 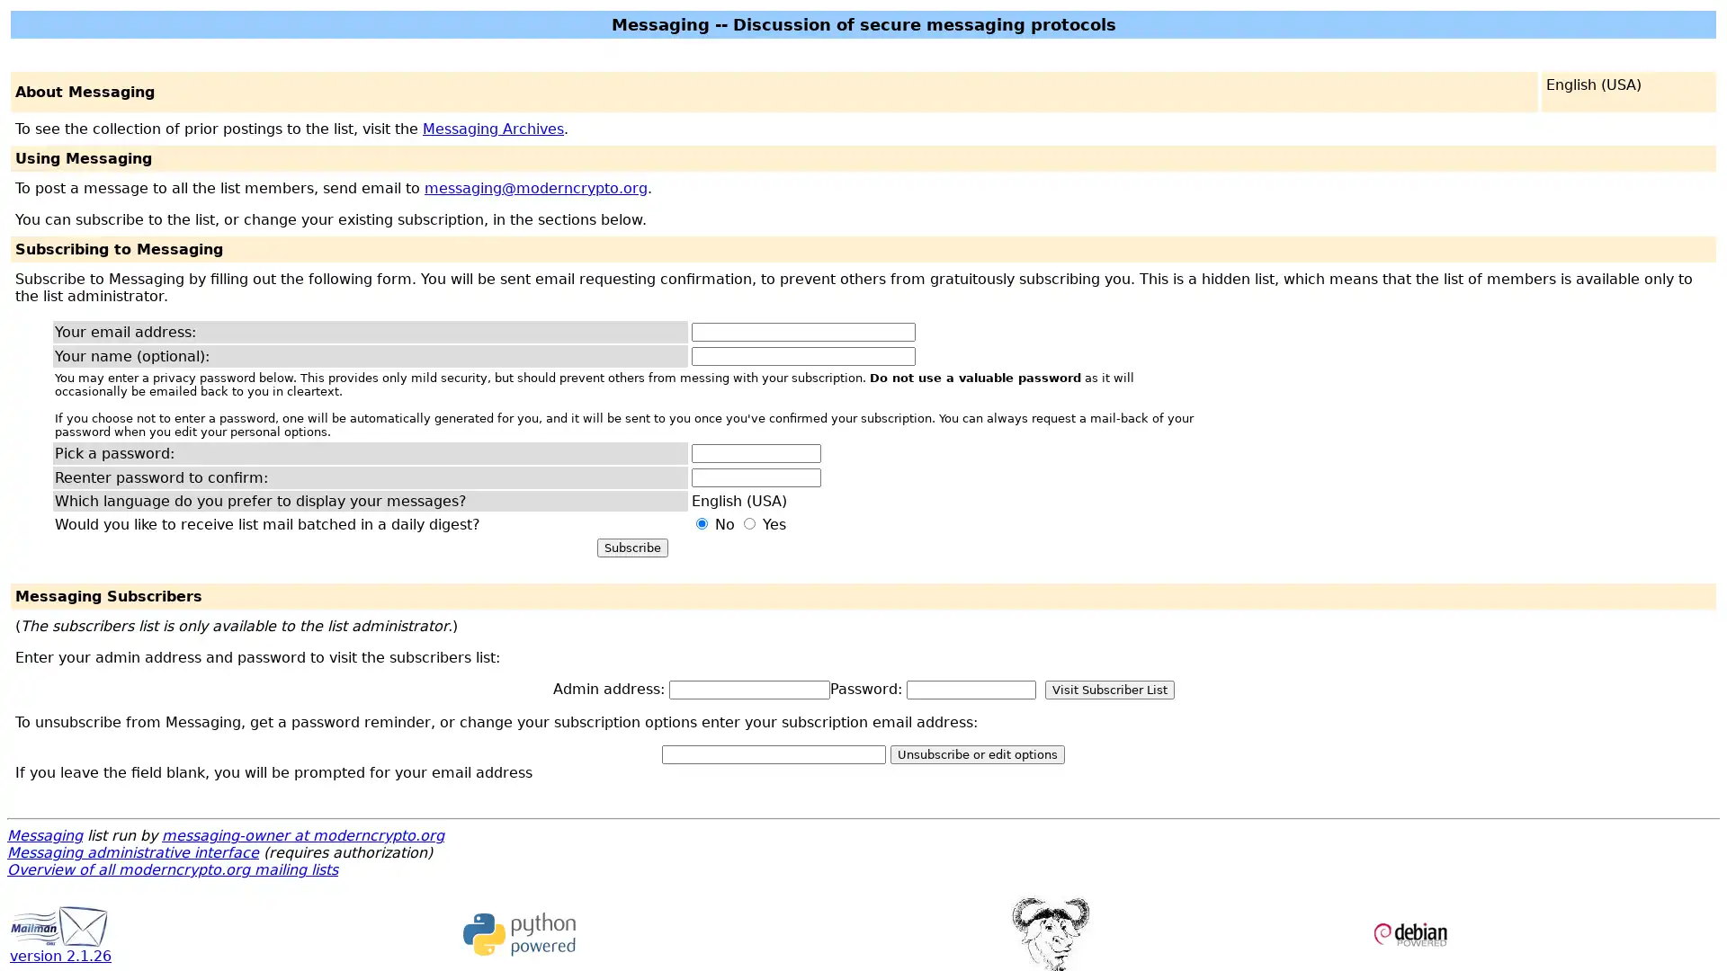 I want to click on Subscribe, so click(x=631, y=547).